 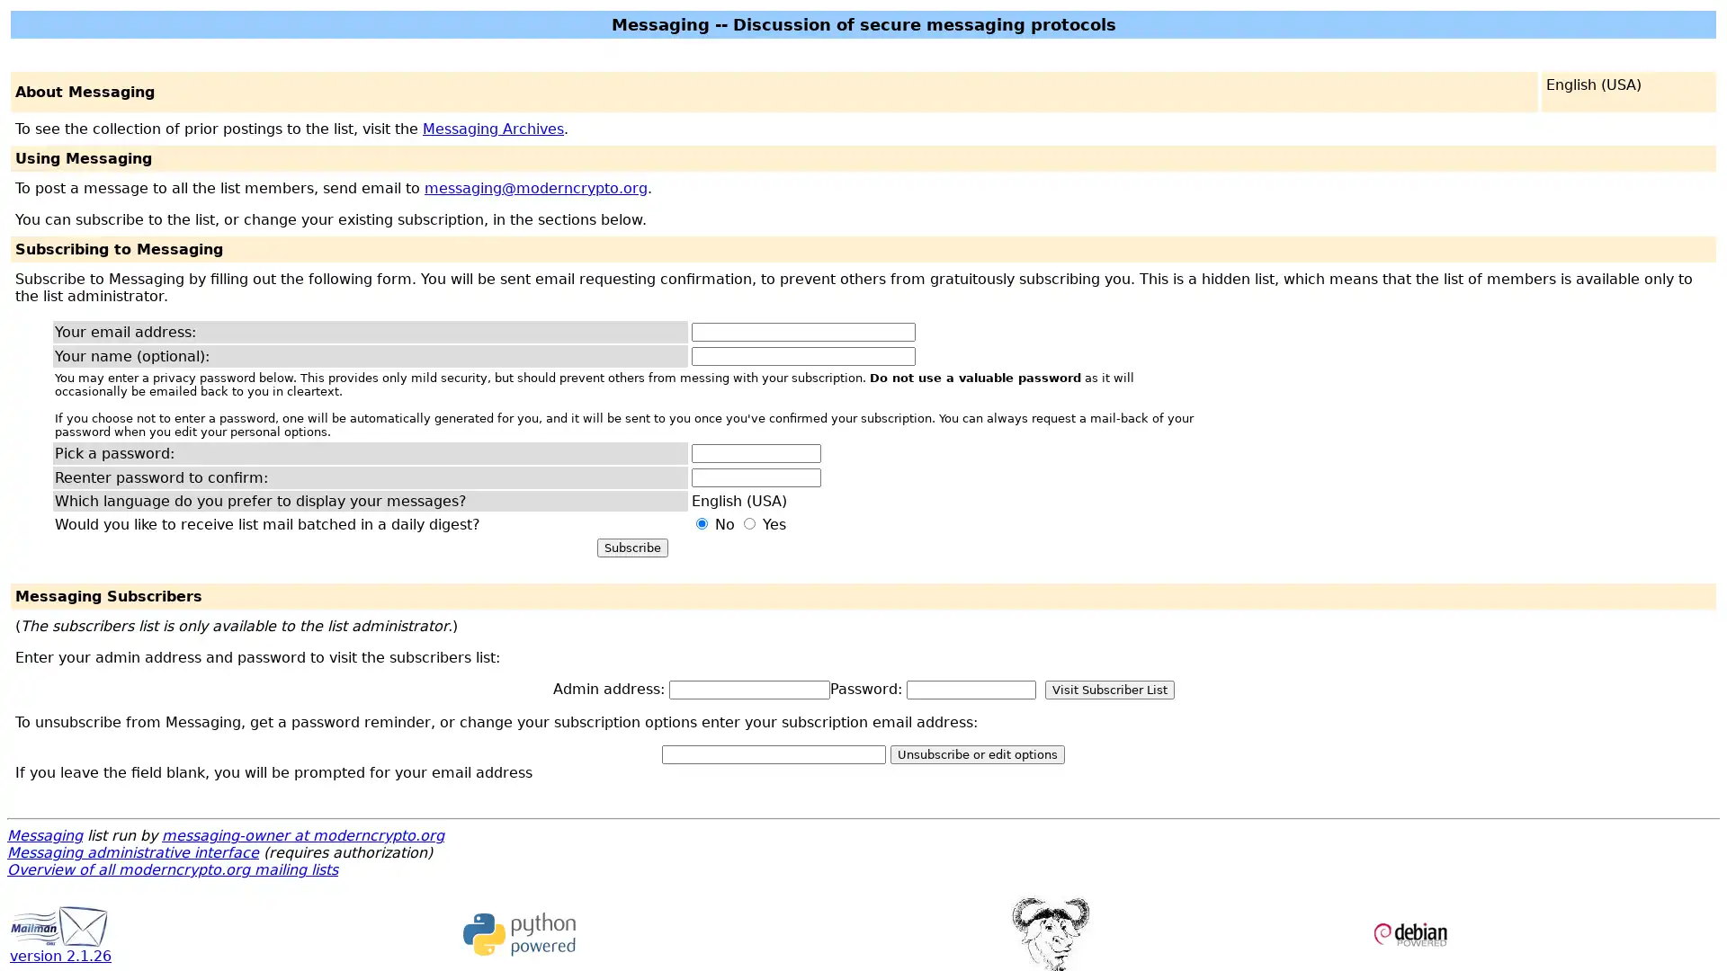 I want to click on Subscribe, so click(x=631, y=547).